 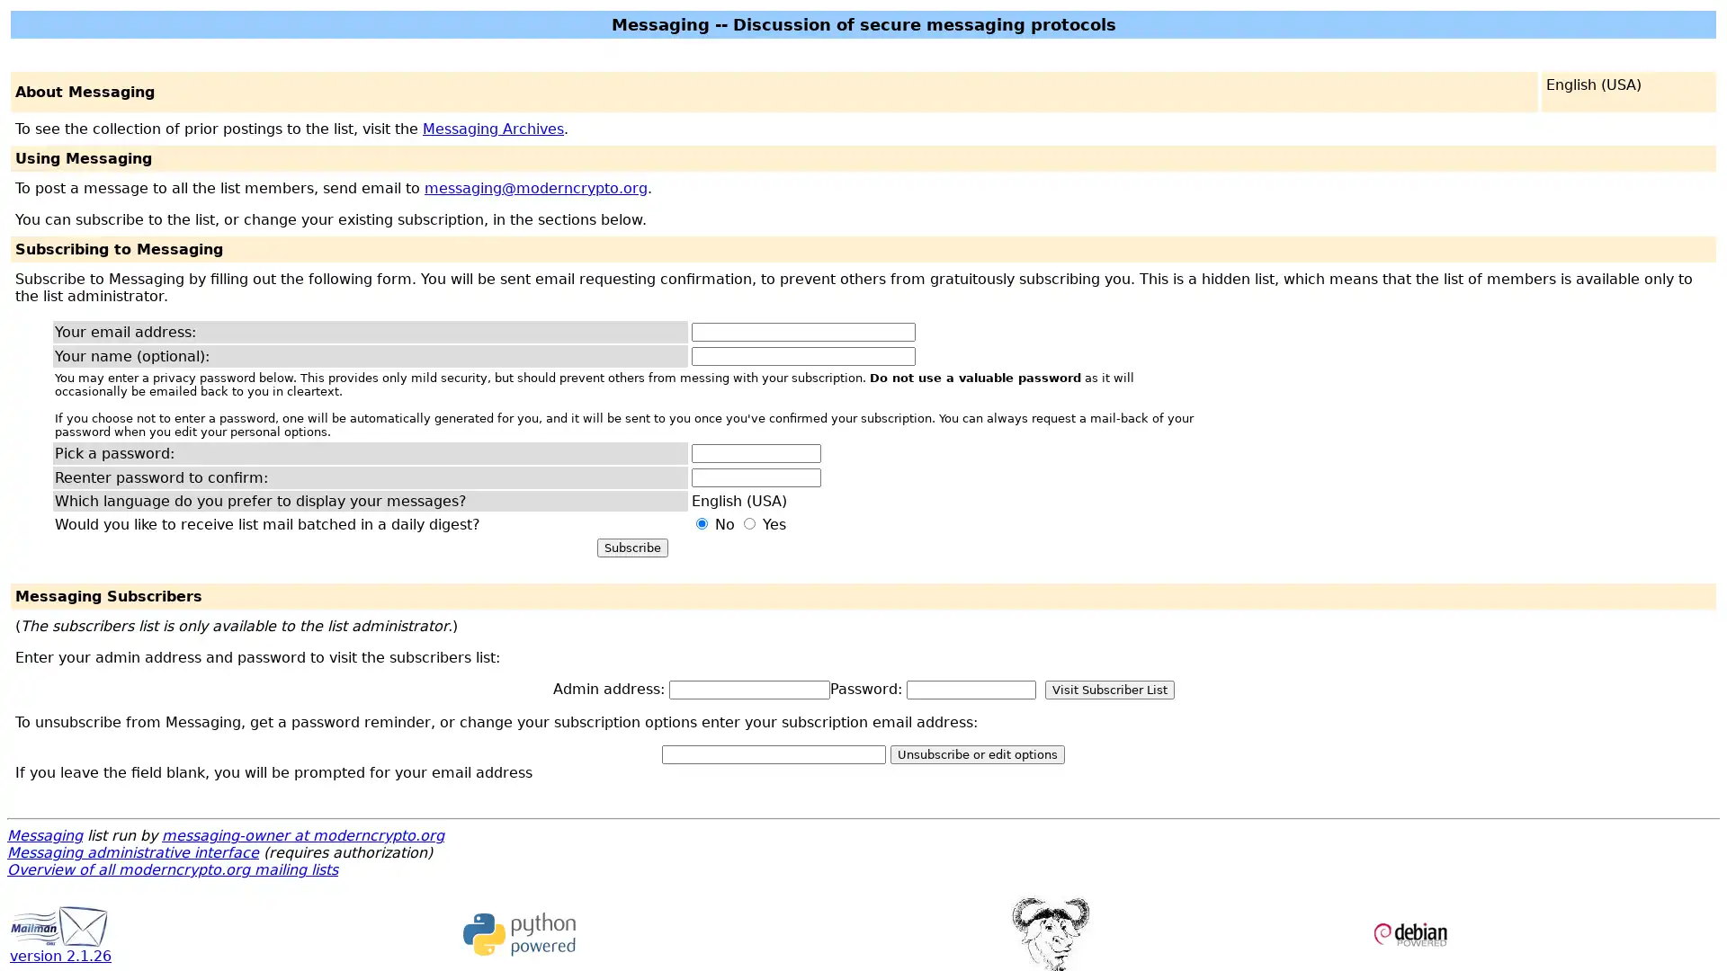 I want to click on Subscribe, so click(x=631, y=547).